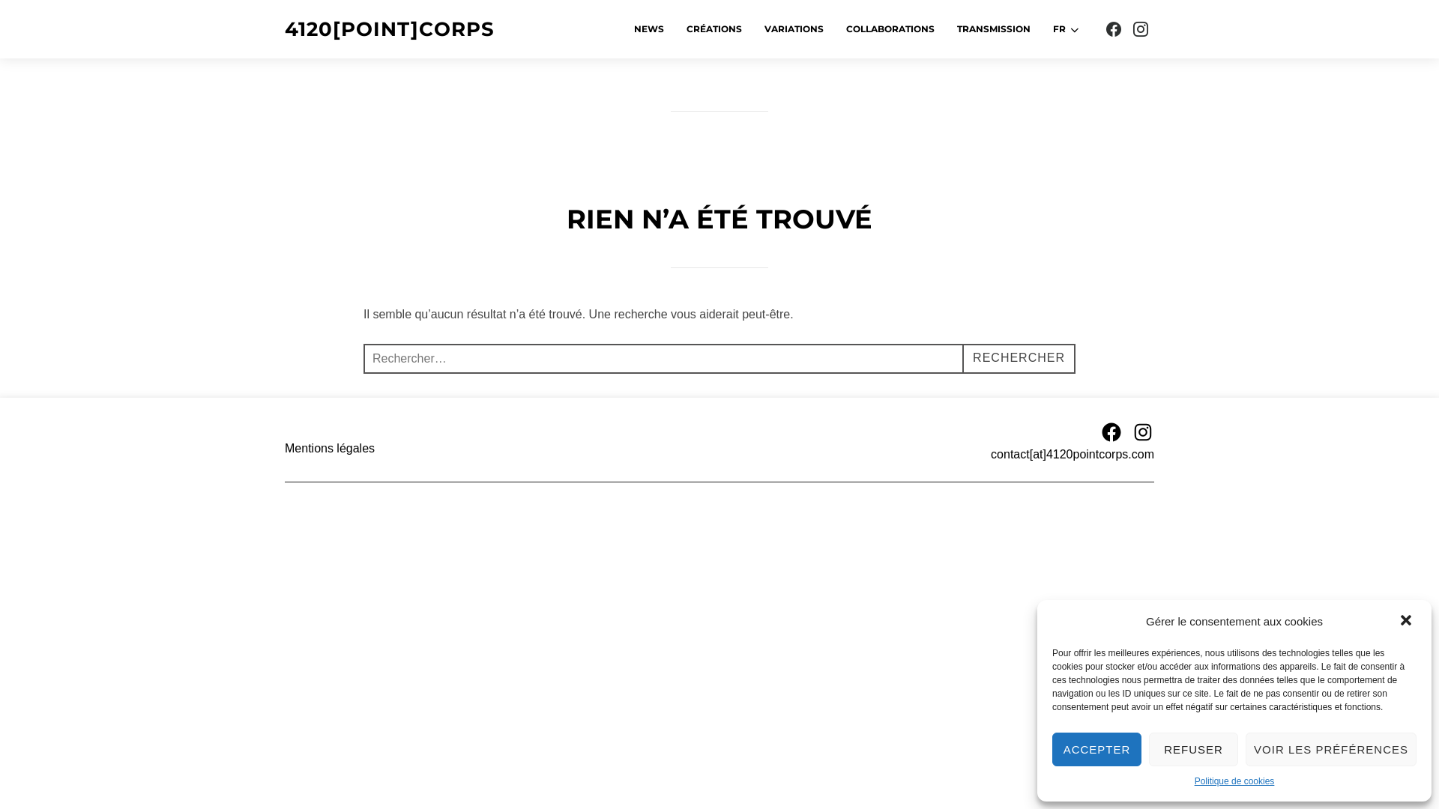 Image resolution: width=1439 pixels, height=809 pixels. I want to click on '4120[POINT]CORPS', so click(284, 29).